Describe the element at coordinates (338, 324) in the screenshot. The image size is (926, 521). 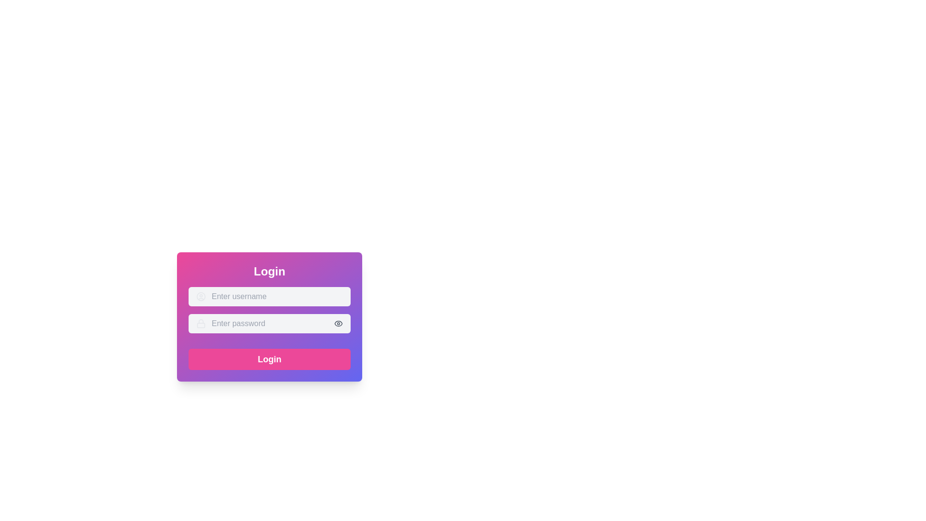
I see `the eye icon button for toggling password visibility, which is located on the right side inside the password input field` at that location.